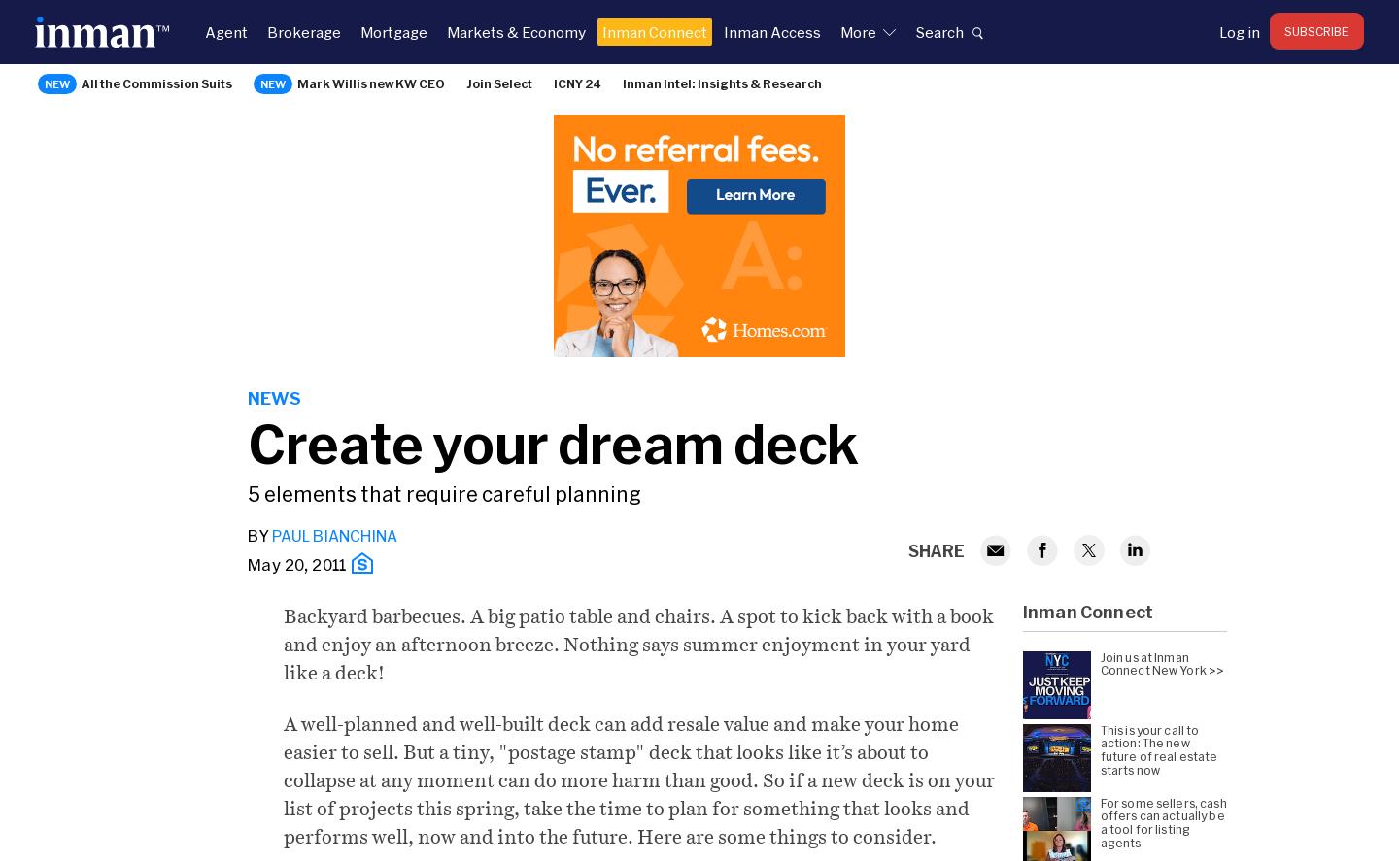  What do you see at coordinates (1239, 31) in the screenshot?
I see `'Log in'` at bounding box center [1239, 31].